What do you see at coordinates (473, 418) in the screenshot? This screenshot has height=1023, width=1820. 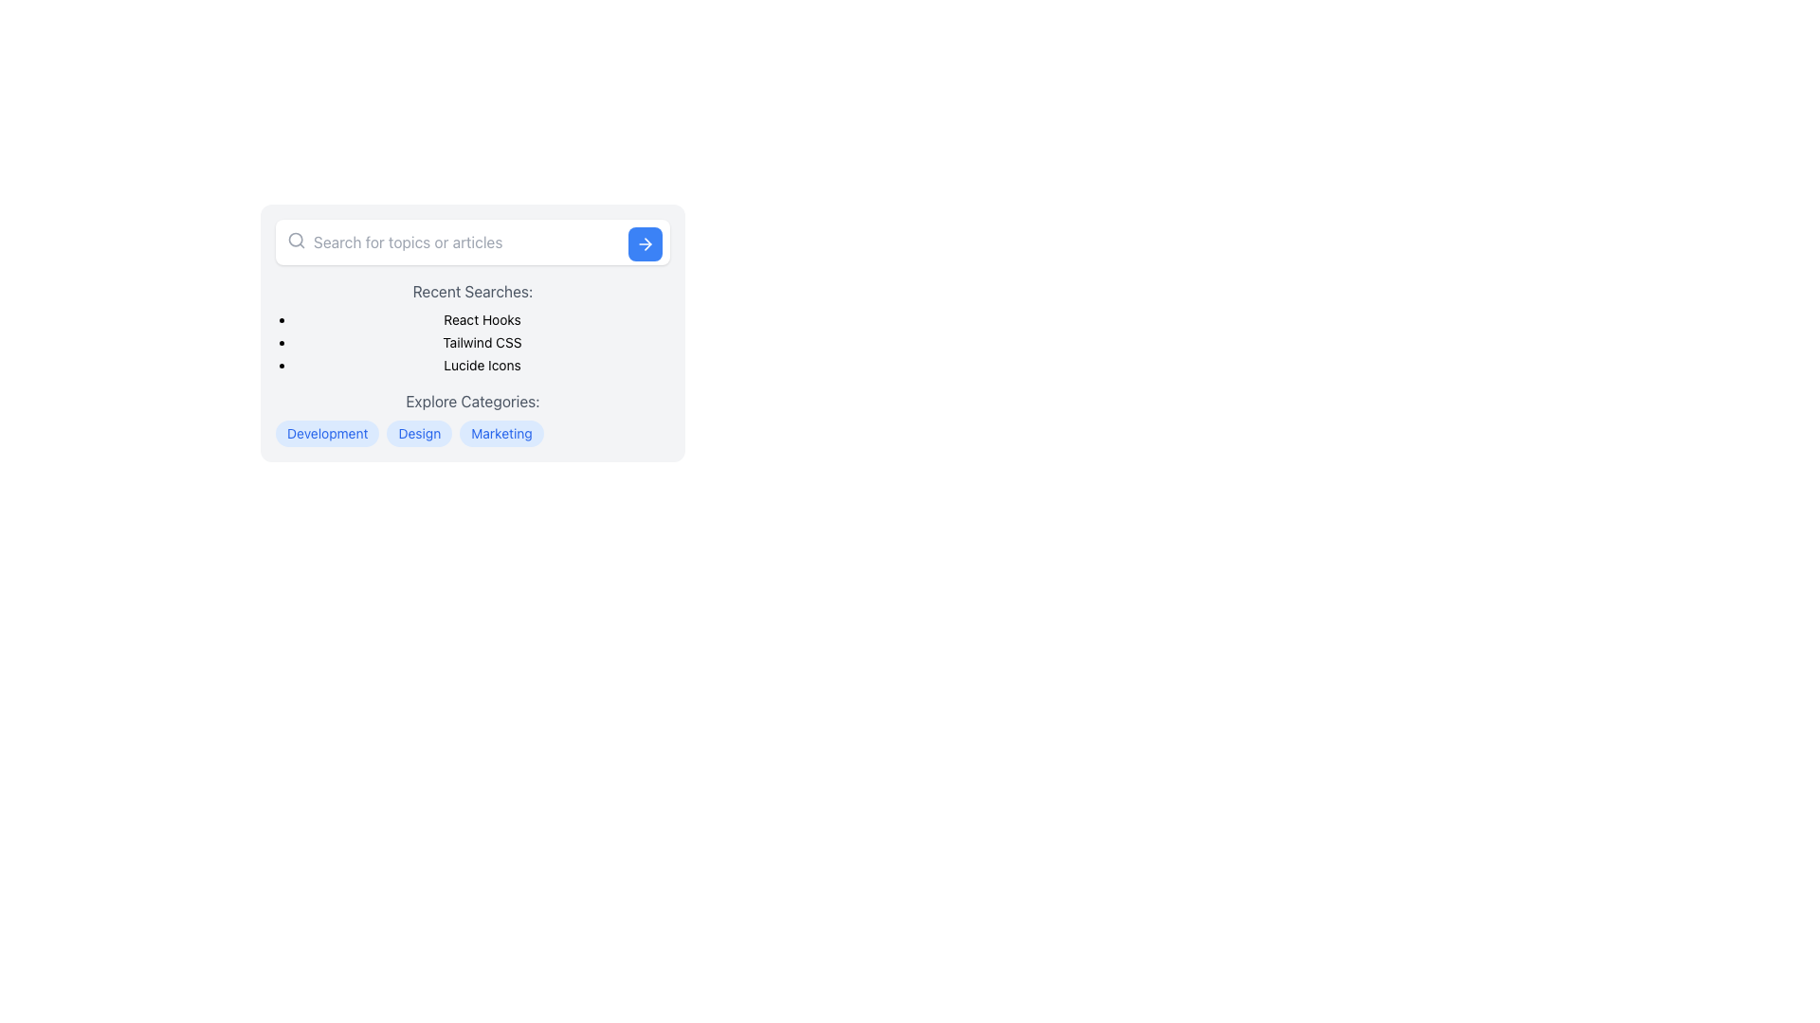 I see `one of the category tags following the text label 'Explore Categories:' which has a light blue background and blue text` at bounding box center [473, 418].